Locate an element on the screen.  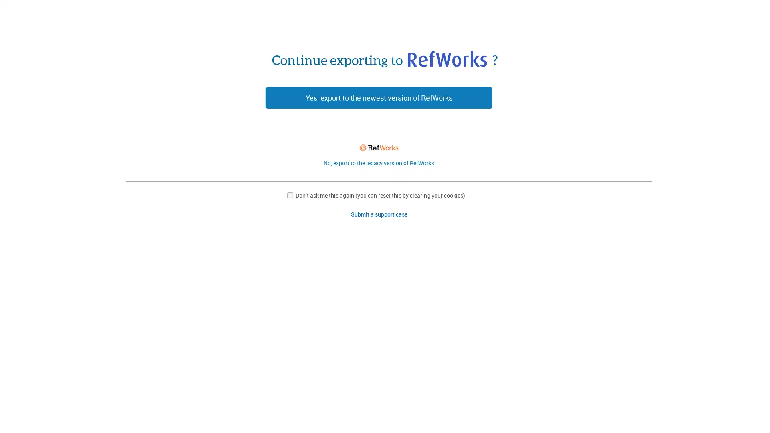
No, export to the legacy version of RefWorks is located at coordinates (378, 162).